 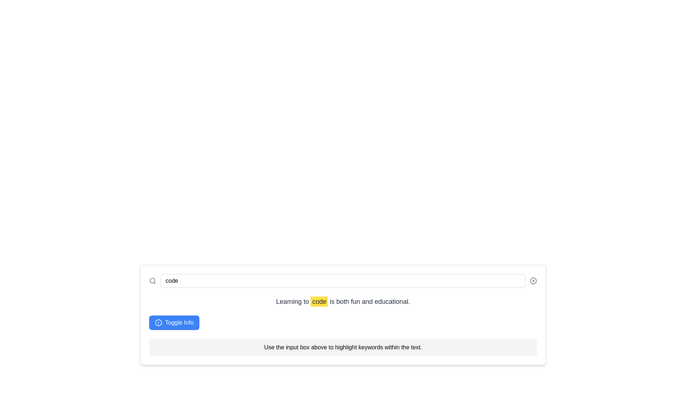 I want to click on text content of the third textual element that says 'Learning to code is both fun and educational.', so click(x=342, y=302).